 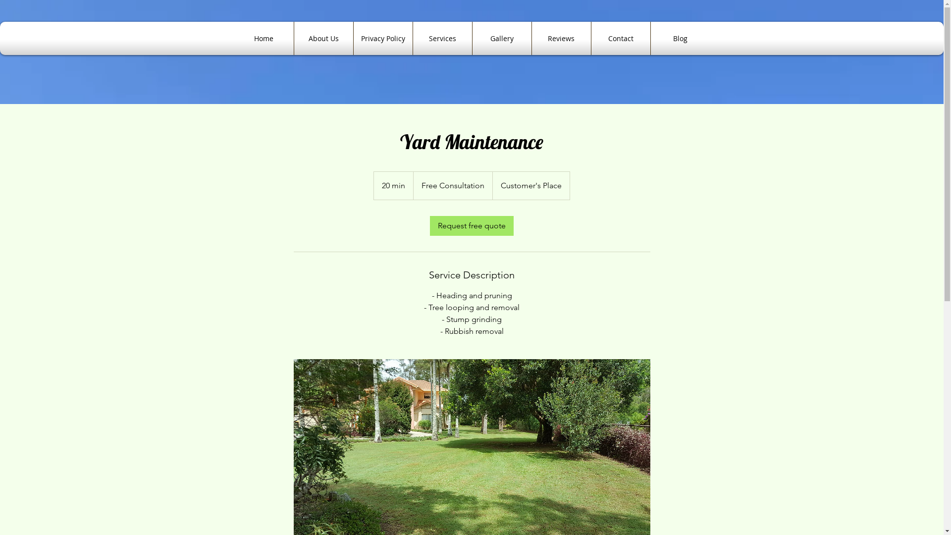 What do you see at coordinates (441, 38) in the screenshot?
I see `'Services'` at bounding box center [441, 38].